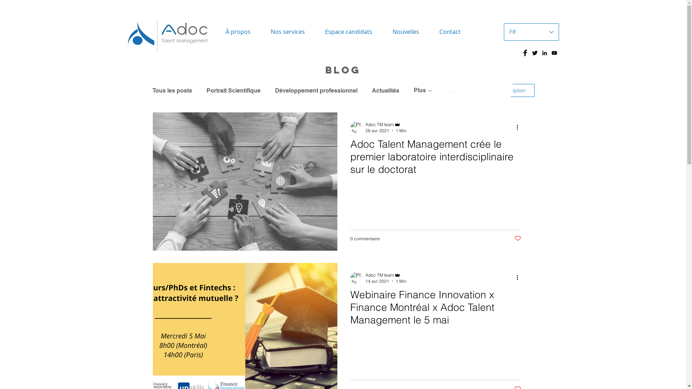 This screenshot has height=389, width=692. Describe the element at coordinates (349, 31) in the screenshot. I see `'Espace candidats'` at that location.